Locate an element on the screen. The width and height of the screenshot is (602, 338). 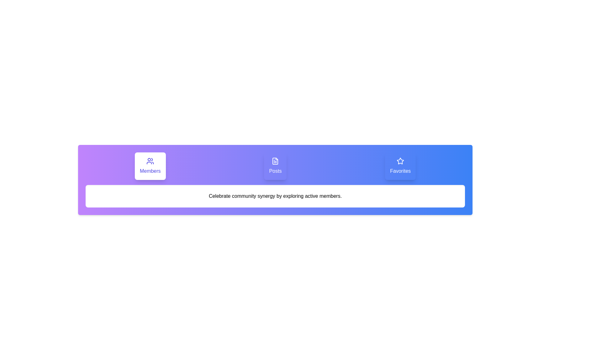
the Favorites tab by clicking on it is located at coordinates (400, 166).